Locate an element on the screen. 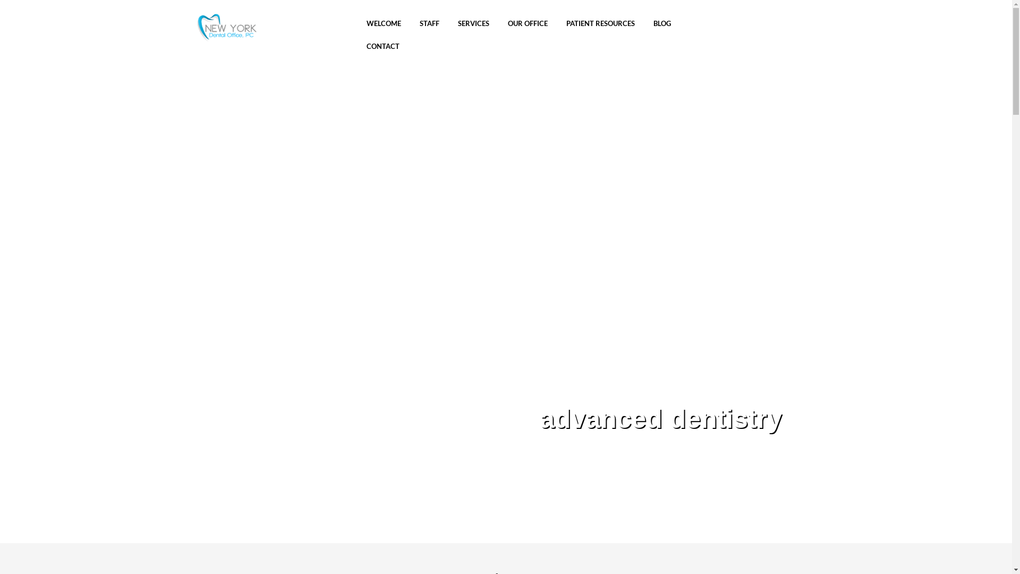 This screenshot has width=1020, height=574. 'OUR OFFICE' is located at coordinates (528, 24).